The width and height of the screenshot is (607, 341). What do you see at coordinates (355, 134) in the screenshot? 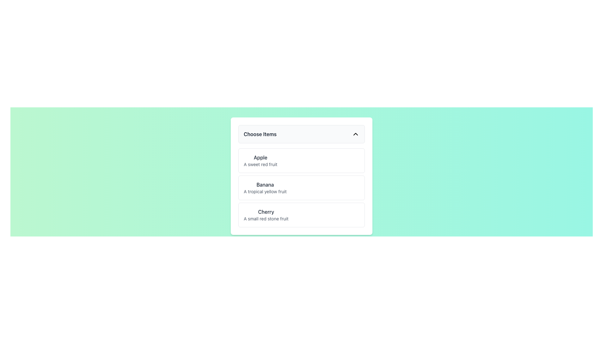
I see `the downward-pointing chevron icon adjacent to the 'Choose Items' text` at bounding box center [355, 134].